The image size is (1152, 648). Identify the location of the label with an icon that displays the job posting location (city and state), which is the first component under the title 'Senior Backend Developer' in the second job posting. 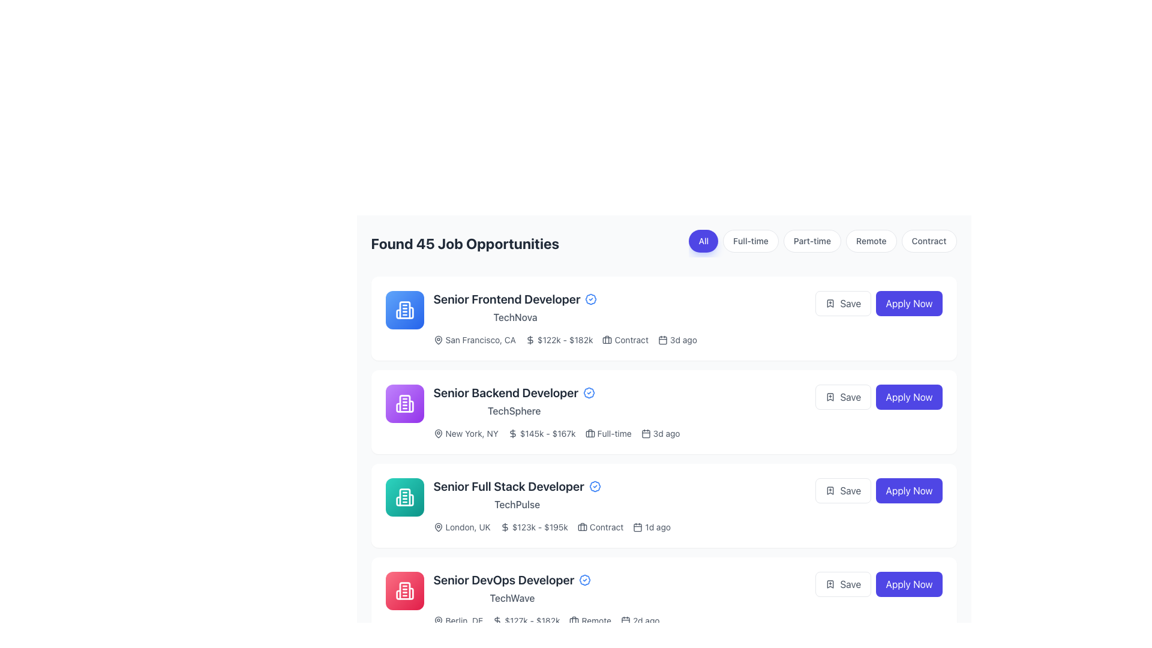
(465, 433).